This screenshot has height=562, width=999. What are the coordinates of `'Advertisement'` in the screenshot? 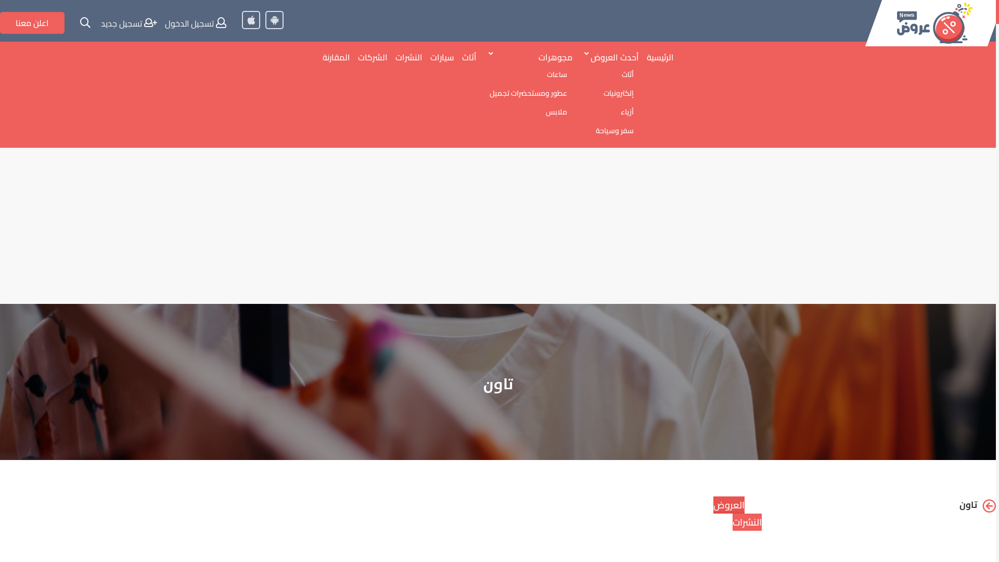 It's located at (497, 225).